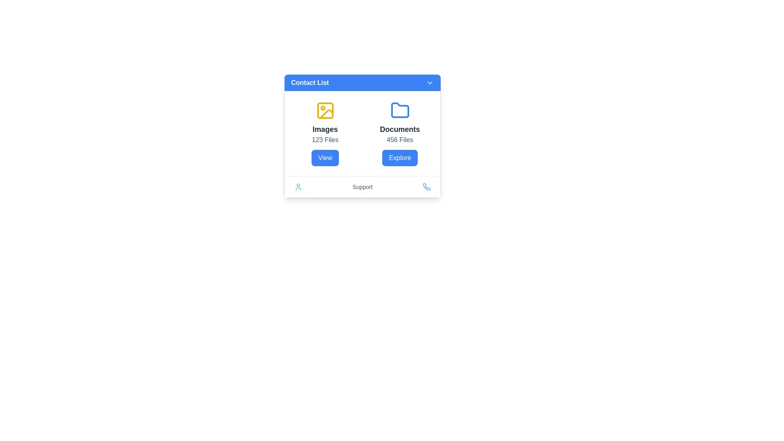  Describe the element at coordinates (362, 187) in the screenshot. I see `the 'Support' text label, which is centrally positioned between a green user icon on the left and a blue phone icon on the right` at that location.